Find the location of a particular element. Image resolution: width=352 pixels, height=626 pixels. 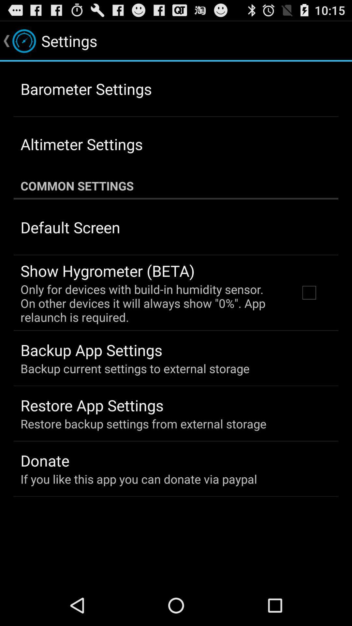

the icon below barometer settings icon is located at coordinates (81, 144).